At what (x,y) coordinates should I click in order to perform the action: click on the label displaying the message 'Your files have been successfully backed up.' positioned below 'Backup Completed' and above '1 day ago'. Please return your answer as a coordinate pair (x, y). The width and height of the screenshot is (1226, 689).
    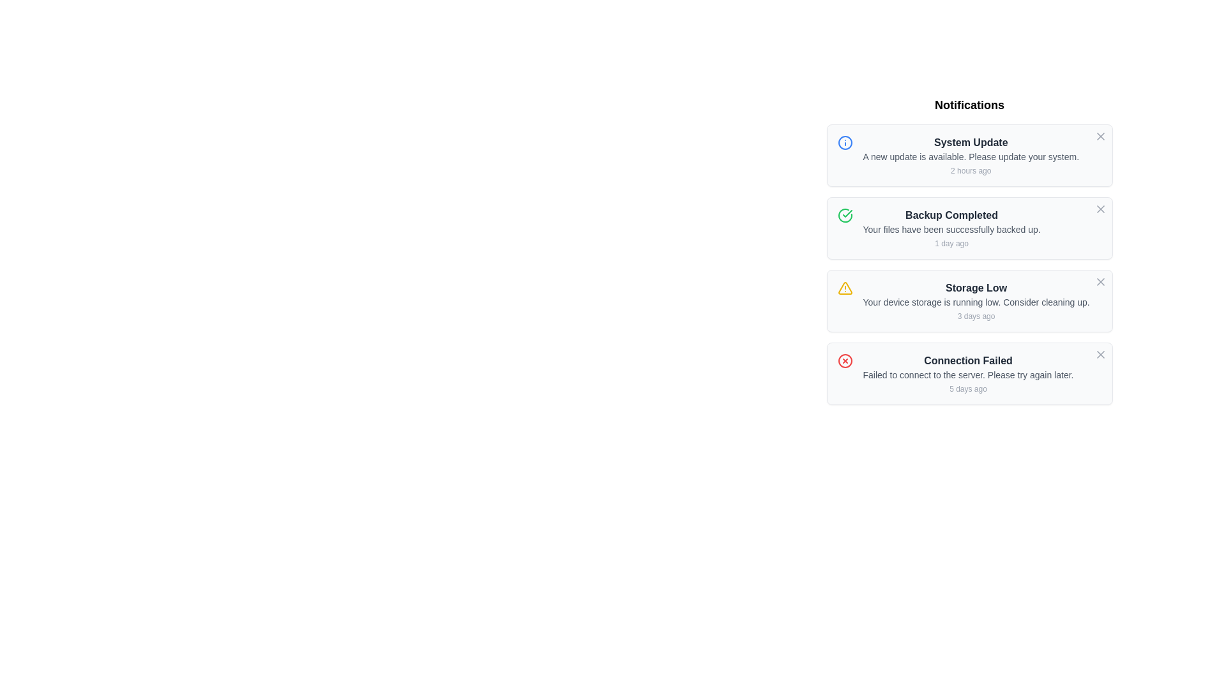
    Looking at the image, I should click on (951, 228).